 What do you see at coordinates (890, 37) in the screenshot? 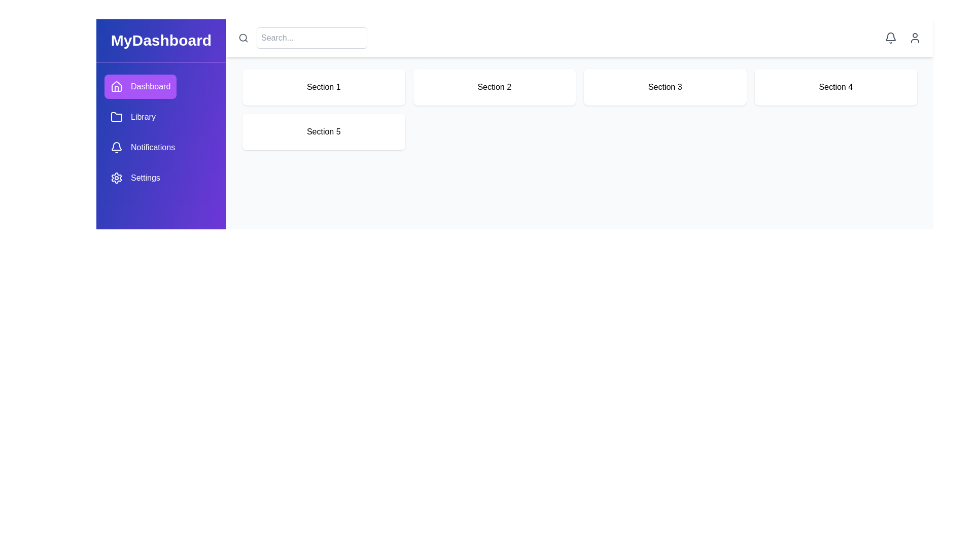
I see `the notification bell icon located in the top right corner of the interface` at bounding box center [890, 37].